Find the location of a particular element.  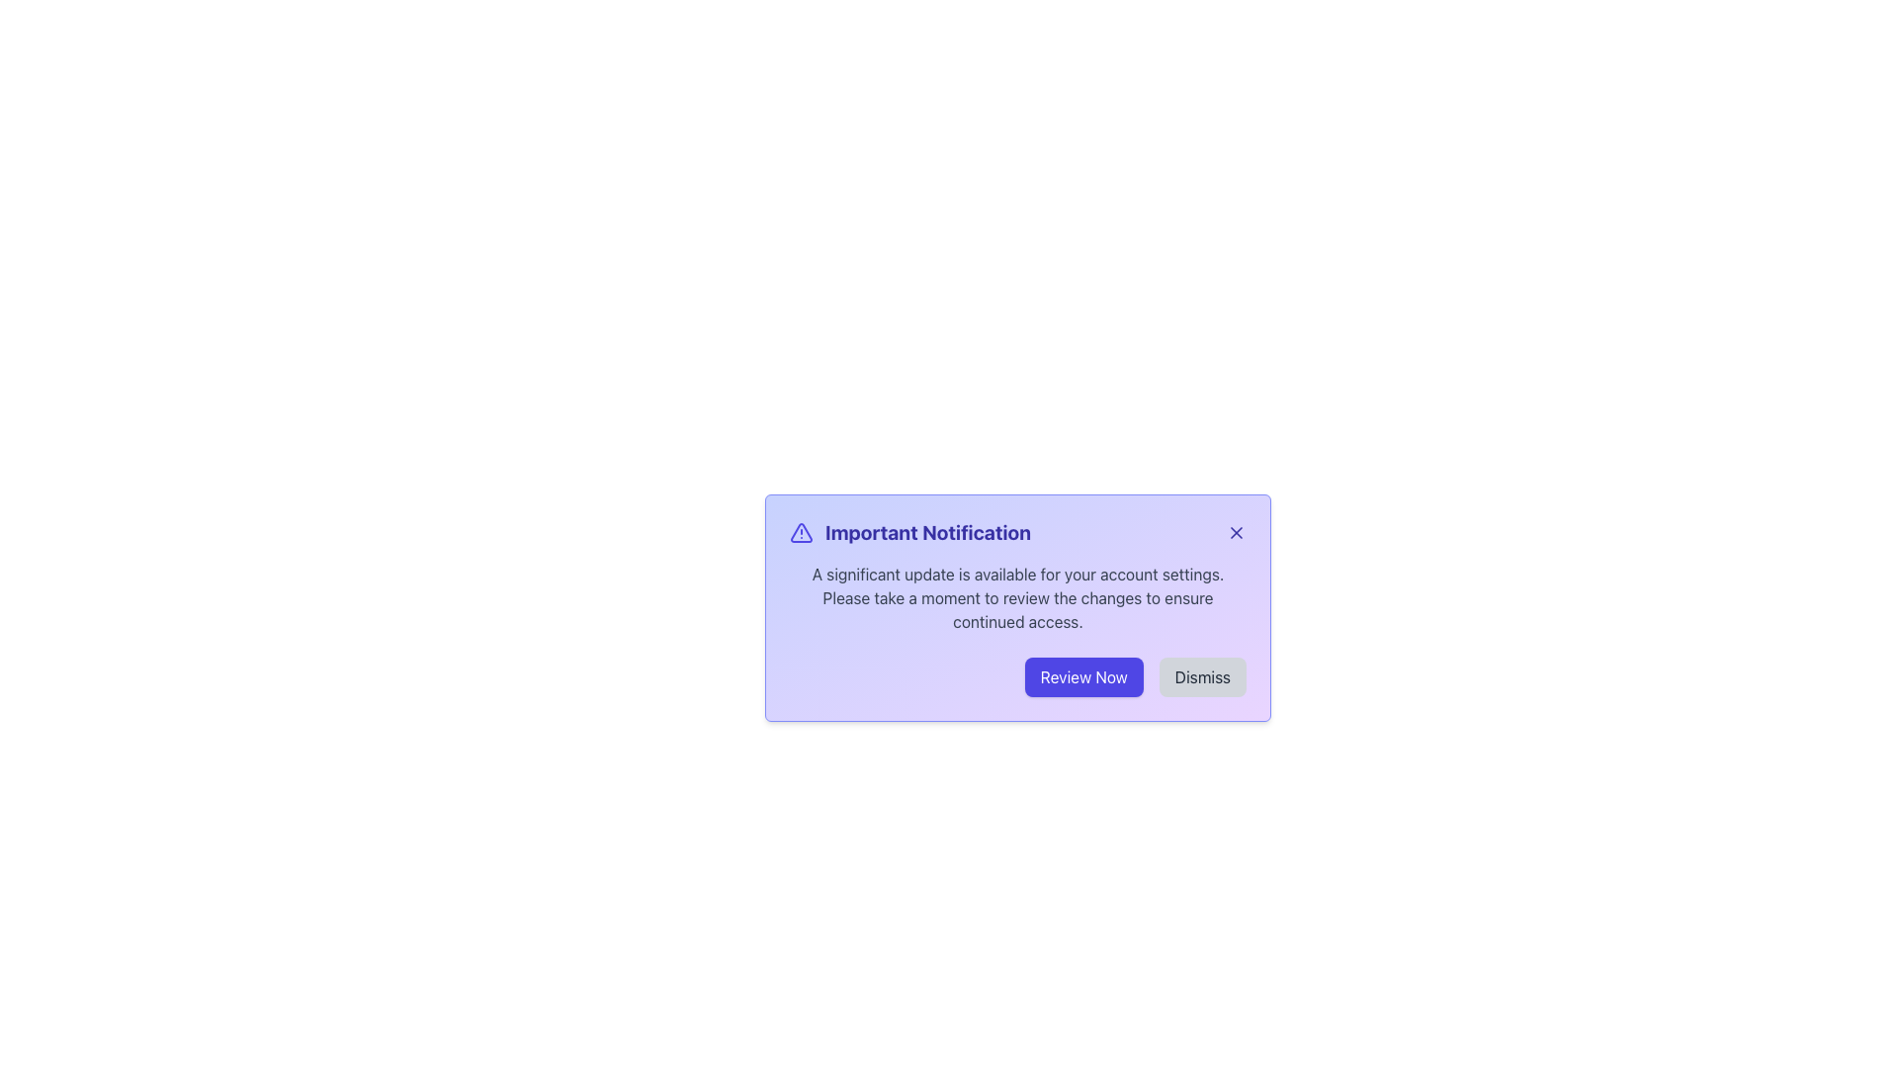

the rectangular button labeled 'Review Now' with an indigo background and white text, located in the bottom-right corner of the notification modal, to trigger the appearance change is located at coordinates (1082, 676).